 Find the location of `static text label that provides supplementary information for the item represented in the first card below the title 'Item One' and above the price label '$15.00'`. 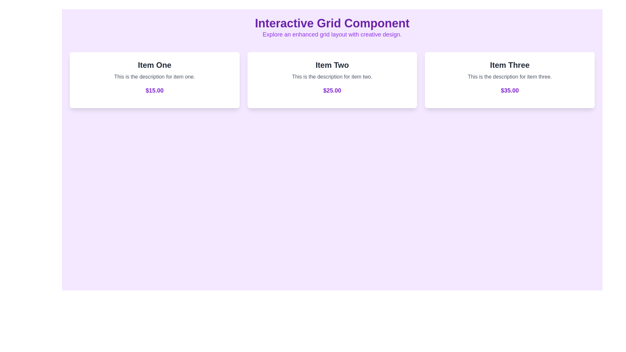

static text label that provides supplementary information for the item represented in the first card below the title 'Item One' and above the price label '$15.00' is located at coordinates (154, 76).